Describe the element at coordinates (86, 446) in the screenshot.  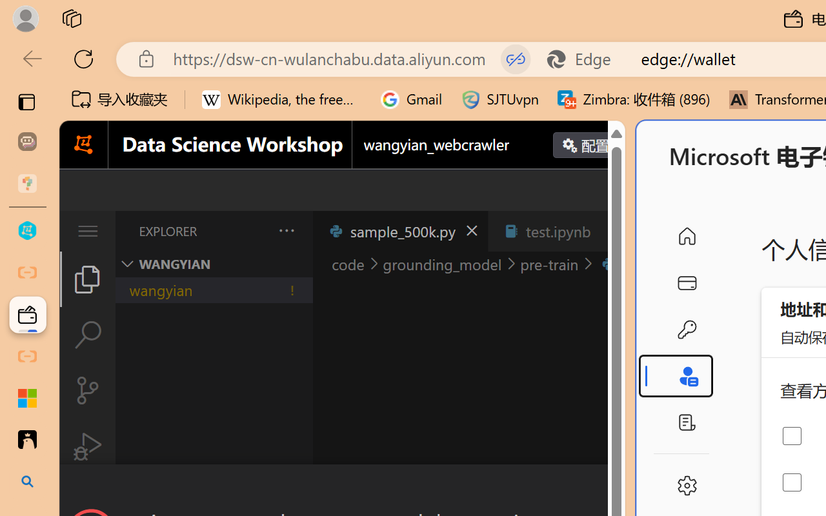
I see `'Run and Debug (Ctrl+Shift+D)'` at that location.